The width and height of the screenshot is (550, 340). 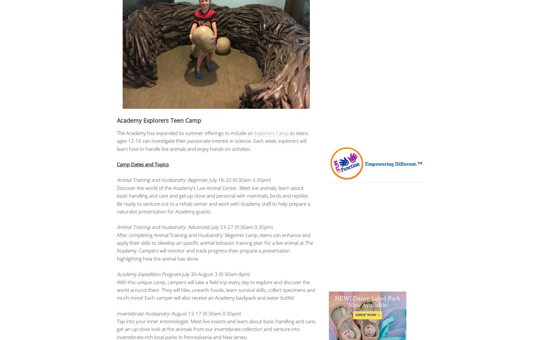 What do you see at coordinates (159, 120) in the screenshot?
I see `'Academy Explorers Teen Camp'` at bounding box center [159, 120].